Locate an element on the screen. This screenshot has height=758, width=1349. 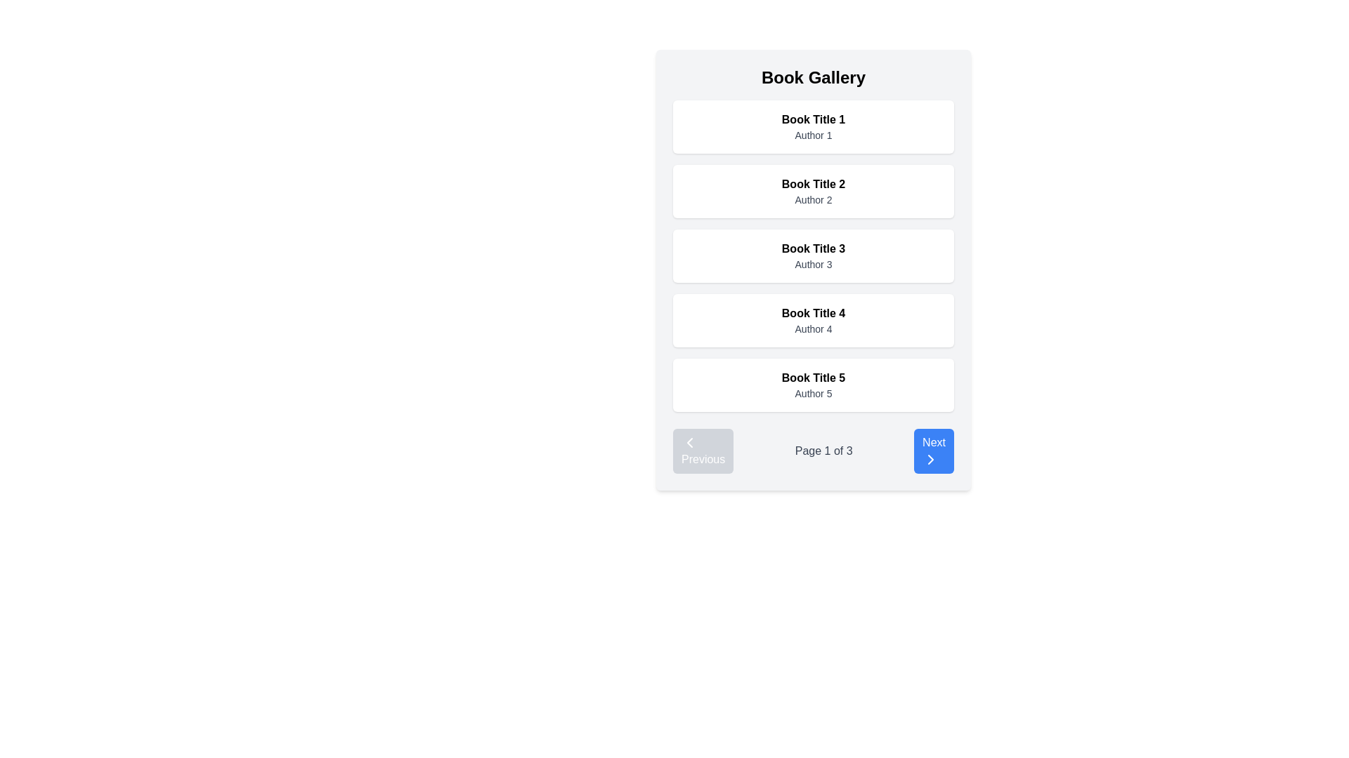
the third book entry in the list, which displays the book title and author information, positioned between 'Book Title 2' and 'Book Title 4' is located at coordinates (813, 256).